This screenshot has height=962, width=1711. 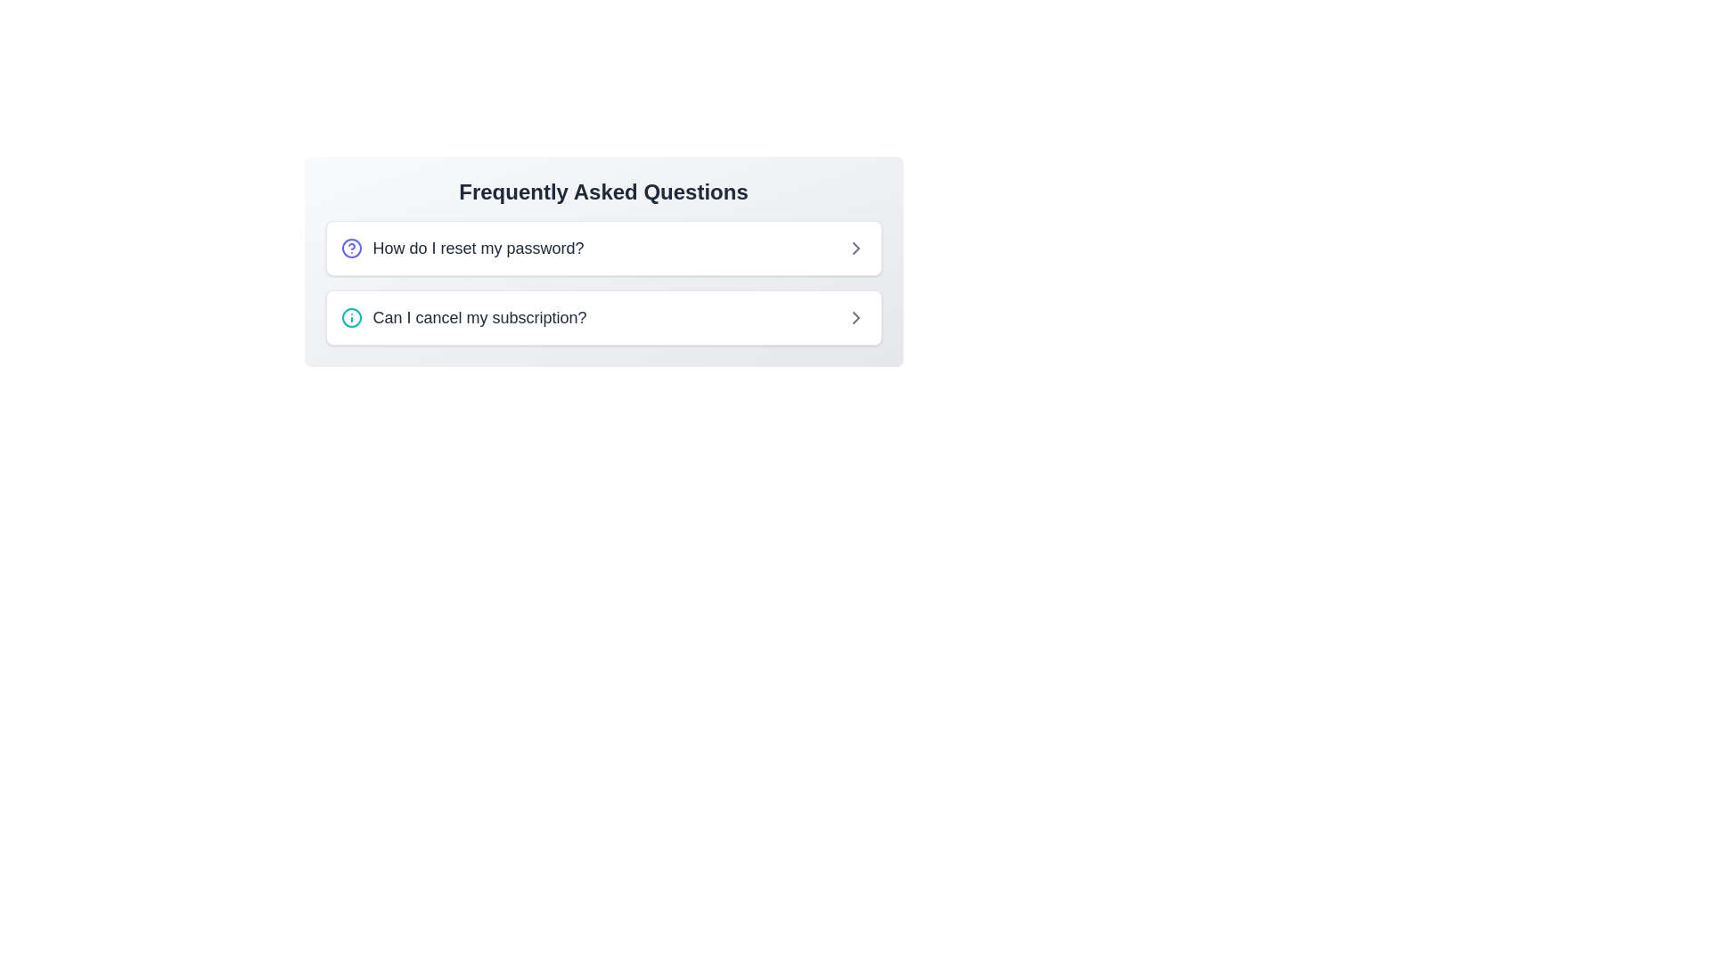 What do you see at coordinates (351, 317) in the screenshot?
I see `the icon element representing the question 'Can I cancel my subscription?' that is positioned to the left of the corresponding text in the FAQ interface` at bounding box center [351, 317].